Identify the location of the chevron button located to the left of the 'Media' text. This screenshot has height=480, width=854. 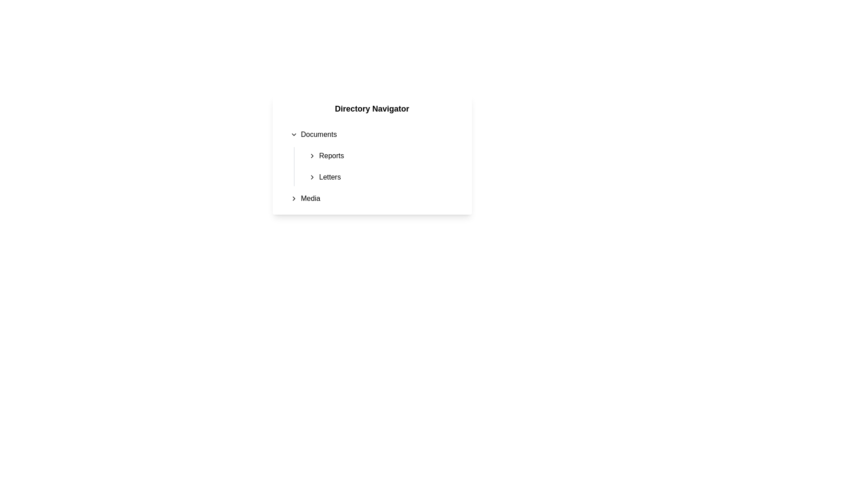
(294, 198).